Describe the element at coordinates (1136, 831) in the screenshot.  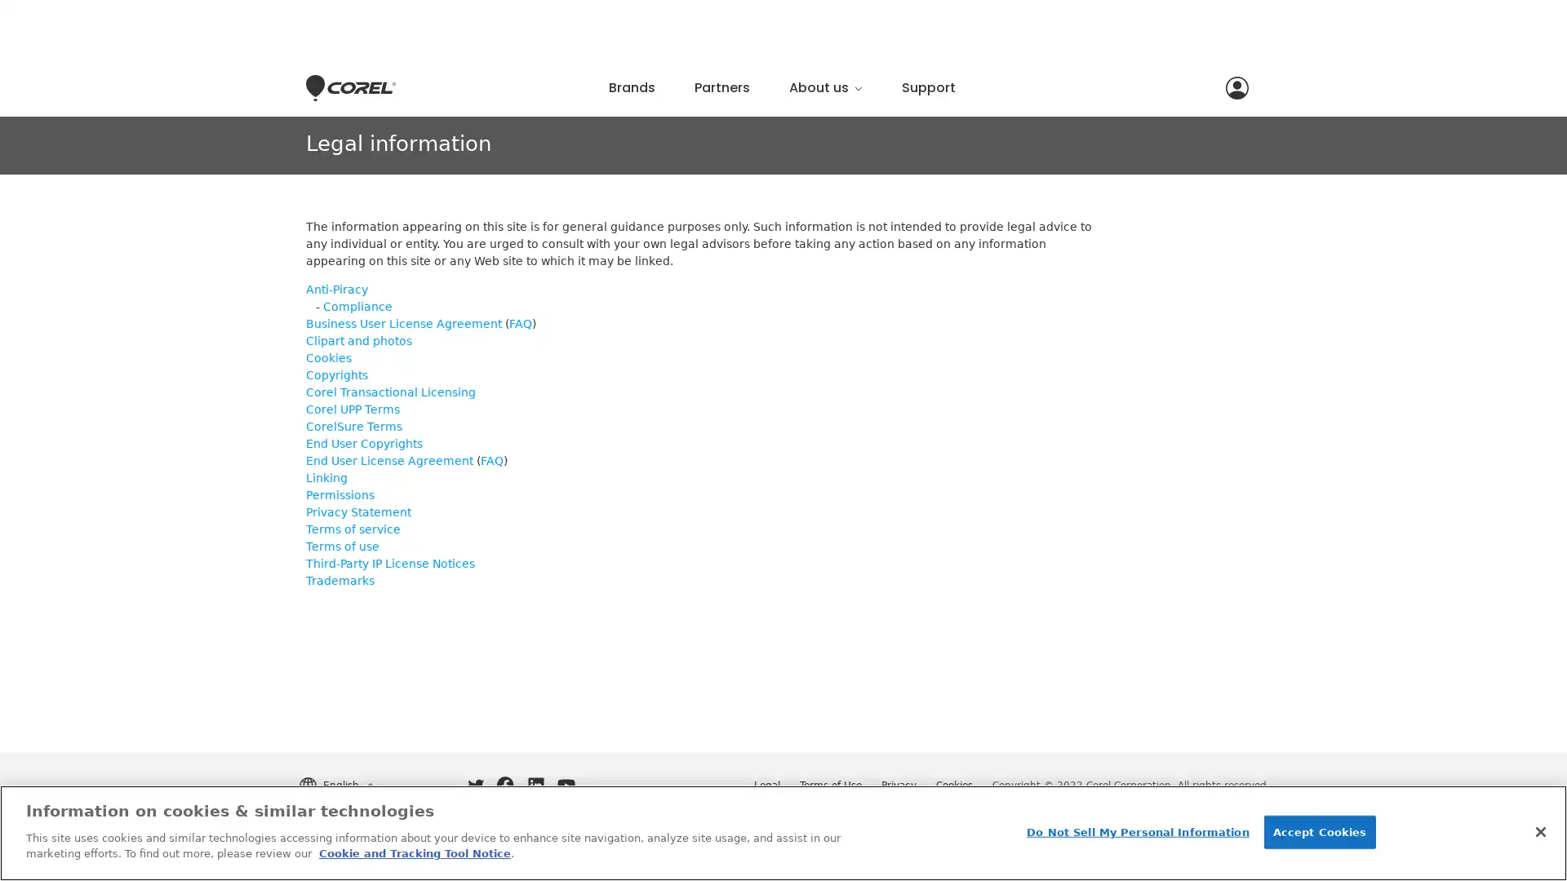
I see `Do Not Sell My Personal Information` at that location.